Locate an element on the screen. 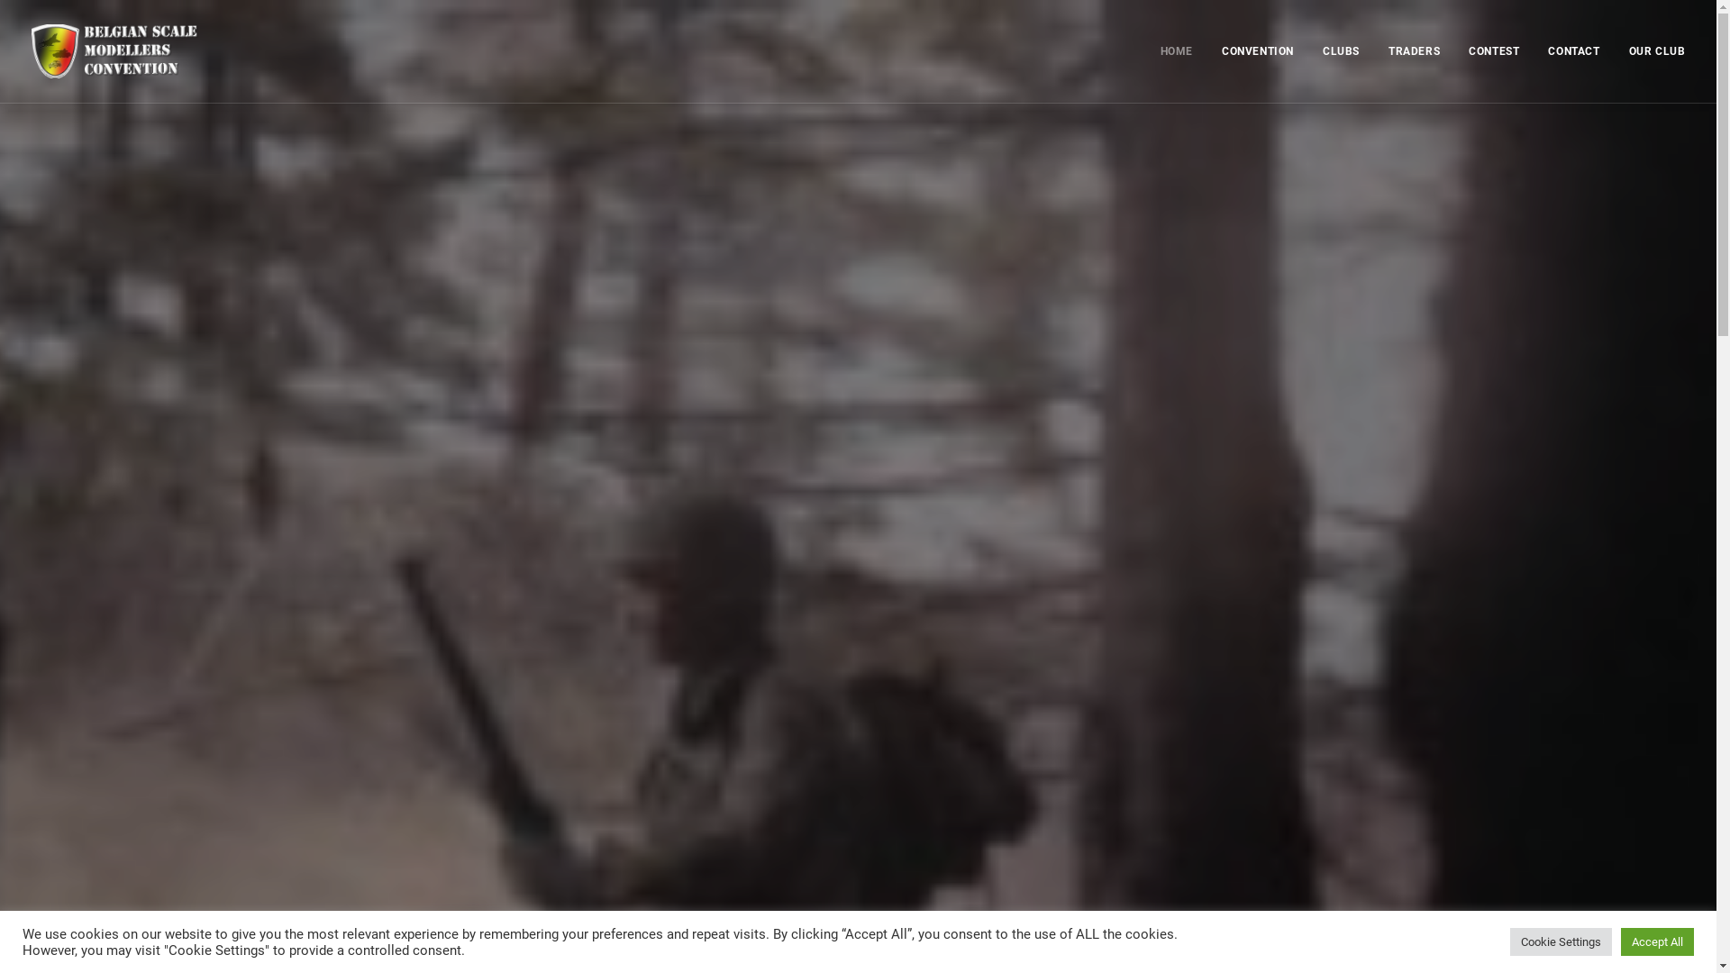 The height and width of the screenshot is (973, 1730). 'OUR CLUB' is located at coordinates (1616, 50).